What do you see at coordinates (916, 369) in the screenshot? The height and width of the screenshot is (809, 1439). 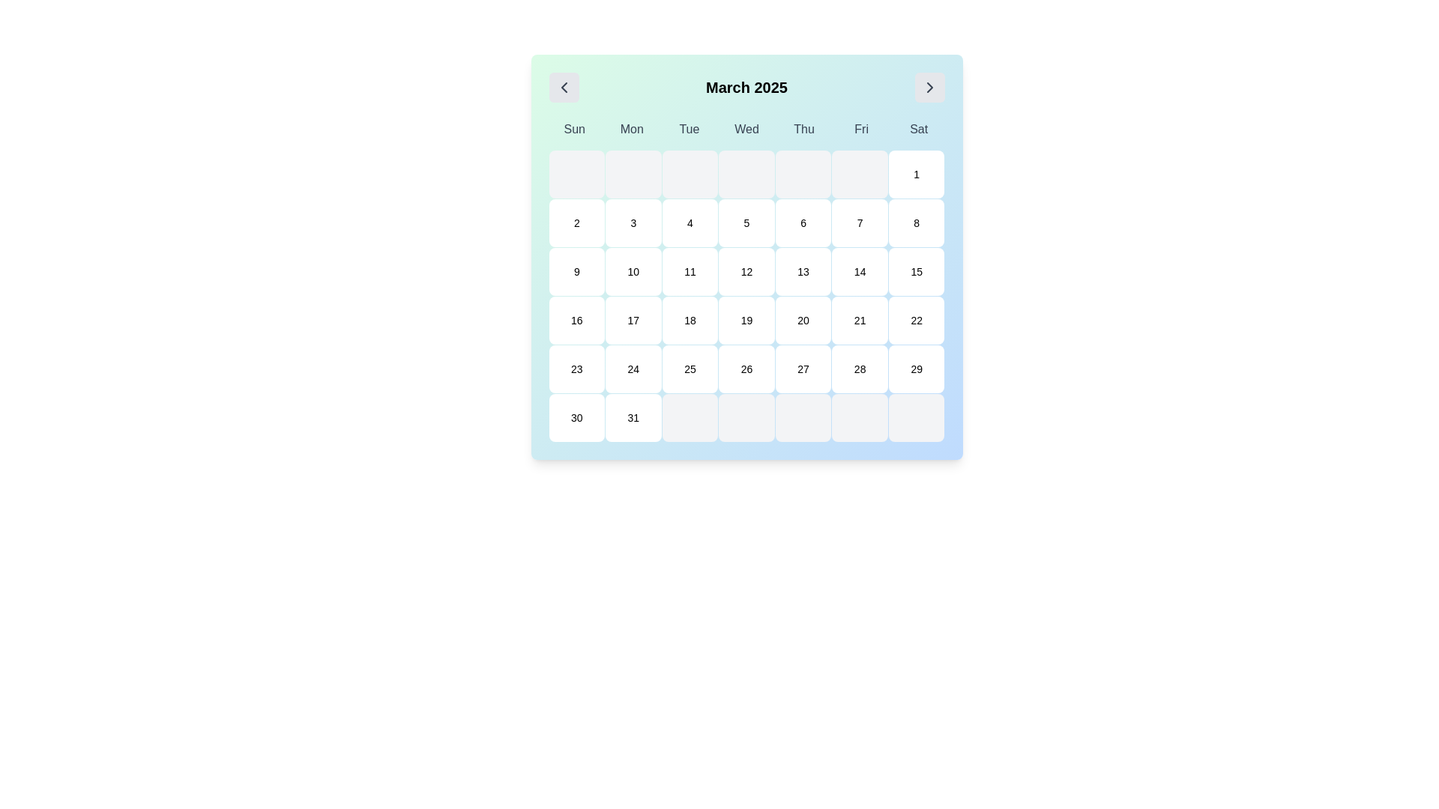 I see `the clickable calendar date cell displaying the numeral '29'` at bounding box center [916, 369].